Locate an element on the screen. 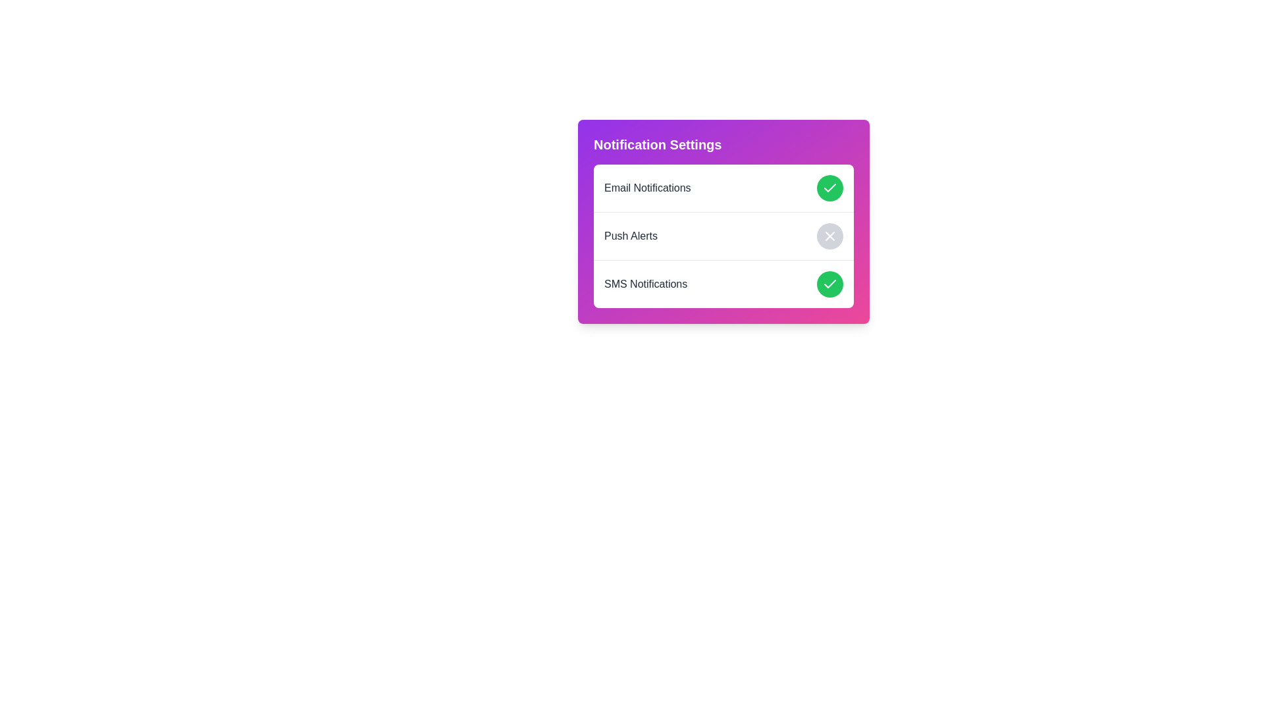  the 'Push Alerts' text label displayed in bold dark gray font within the purple notification settings box is located at coordinates (630, 235).